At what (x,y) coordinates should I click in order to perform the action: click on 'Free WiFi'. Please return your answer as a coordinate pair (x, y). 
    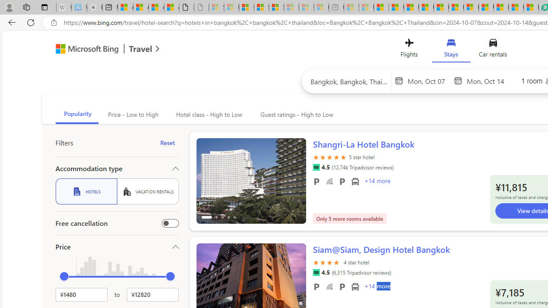
    Looking at the image, I should click on (329, 286).